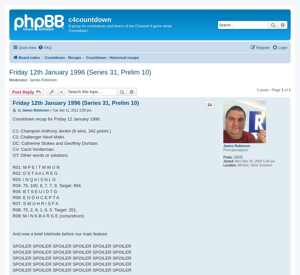 This screenshot has width=300, height=275. Describe the element at coordinates (35, 197) in the screenshot. I see `'R06: E O D H C E P T A'` at that location.